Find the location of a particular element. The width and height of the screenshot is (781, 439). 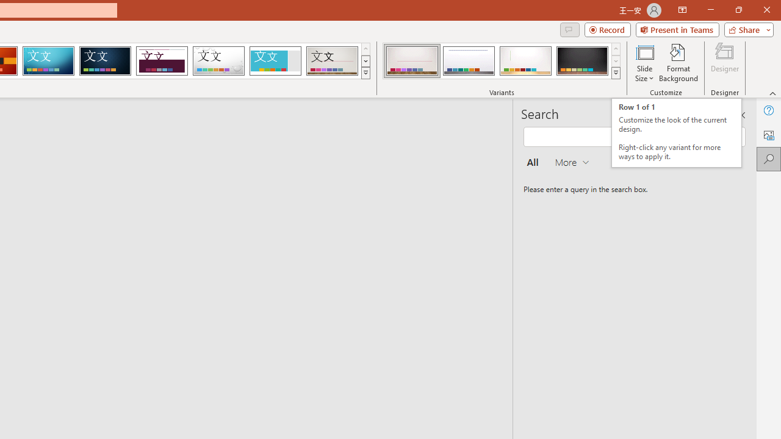

'Gallery Variant 4' is located at coordinates (581, 61).